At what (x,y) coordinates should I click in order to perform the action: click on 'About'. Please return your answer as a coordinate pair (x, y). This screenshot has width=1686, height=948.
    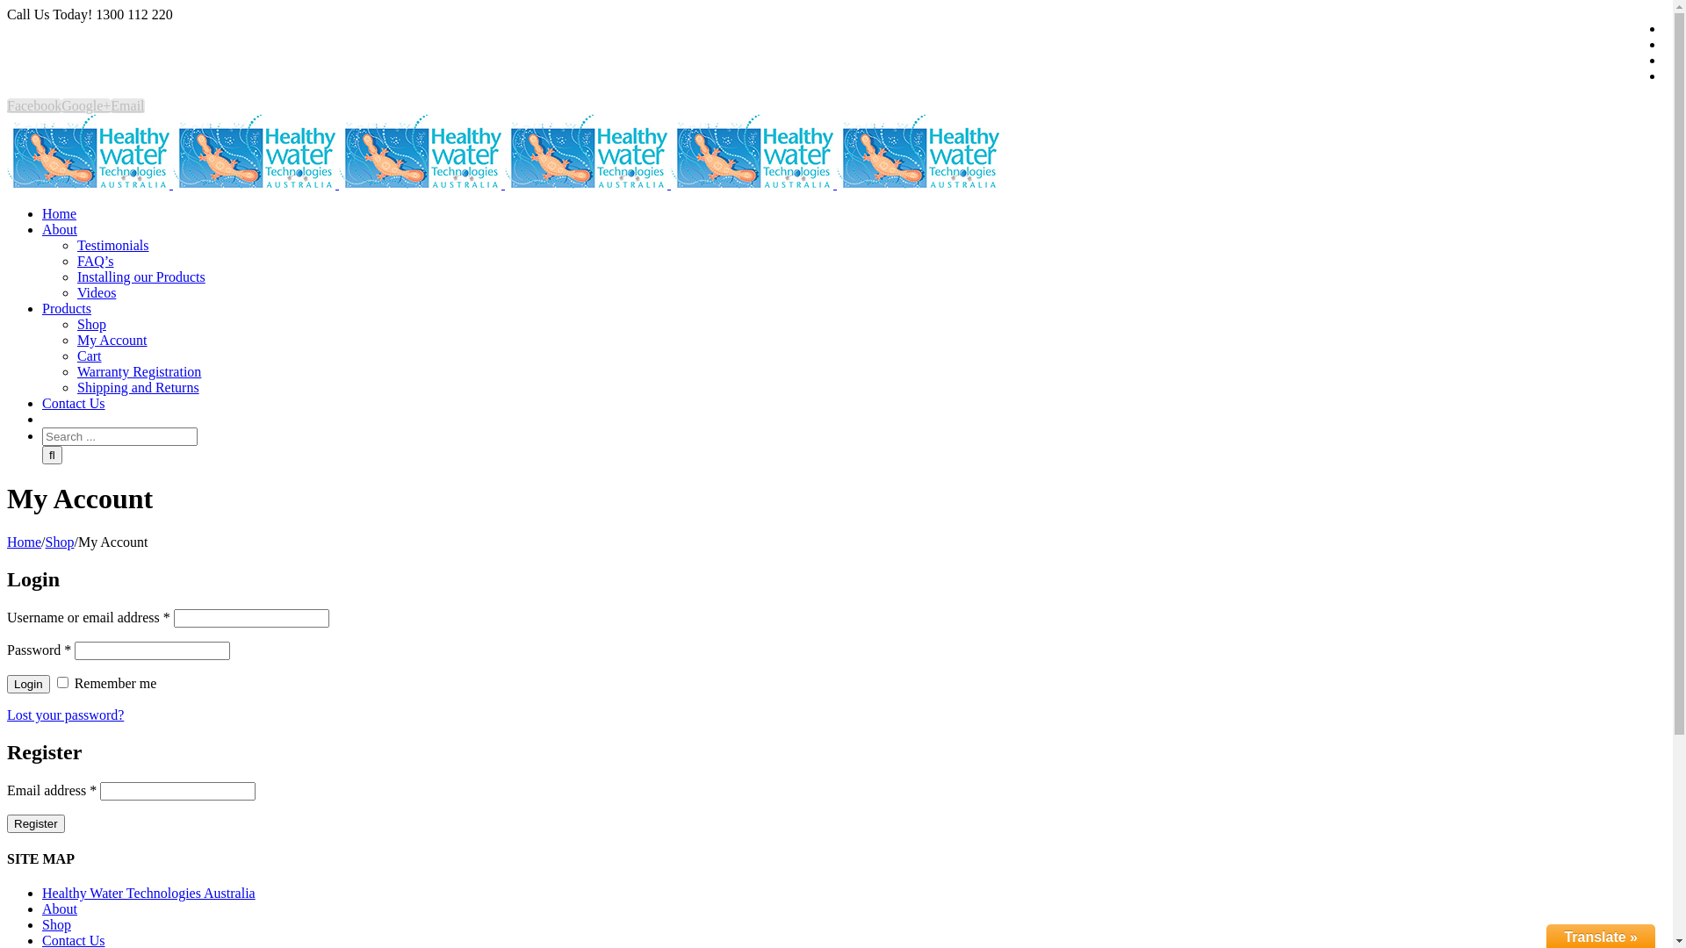
    Looking at the image, I should click on (59, 908).